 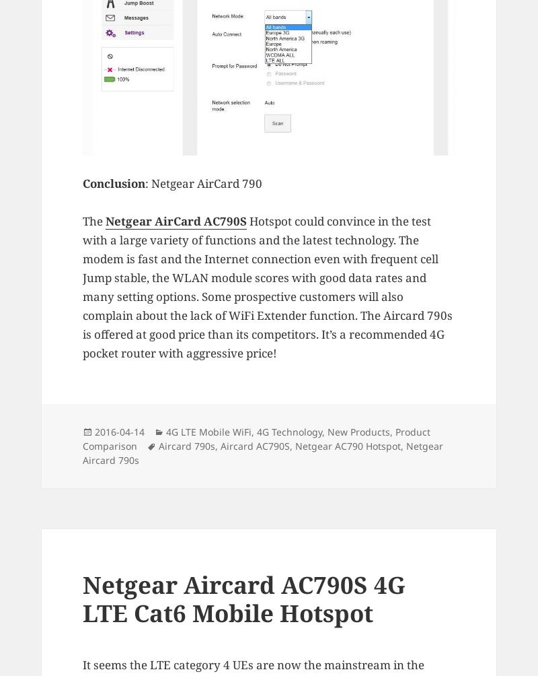 What do you see at coordinates (208, 430) in the screenshot?
I see `'4G LTE Mobile WiFi'` at bounding box center [208, 430].